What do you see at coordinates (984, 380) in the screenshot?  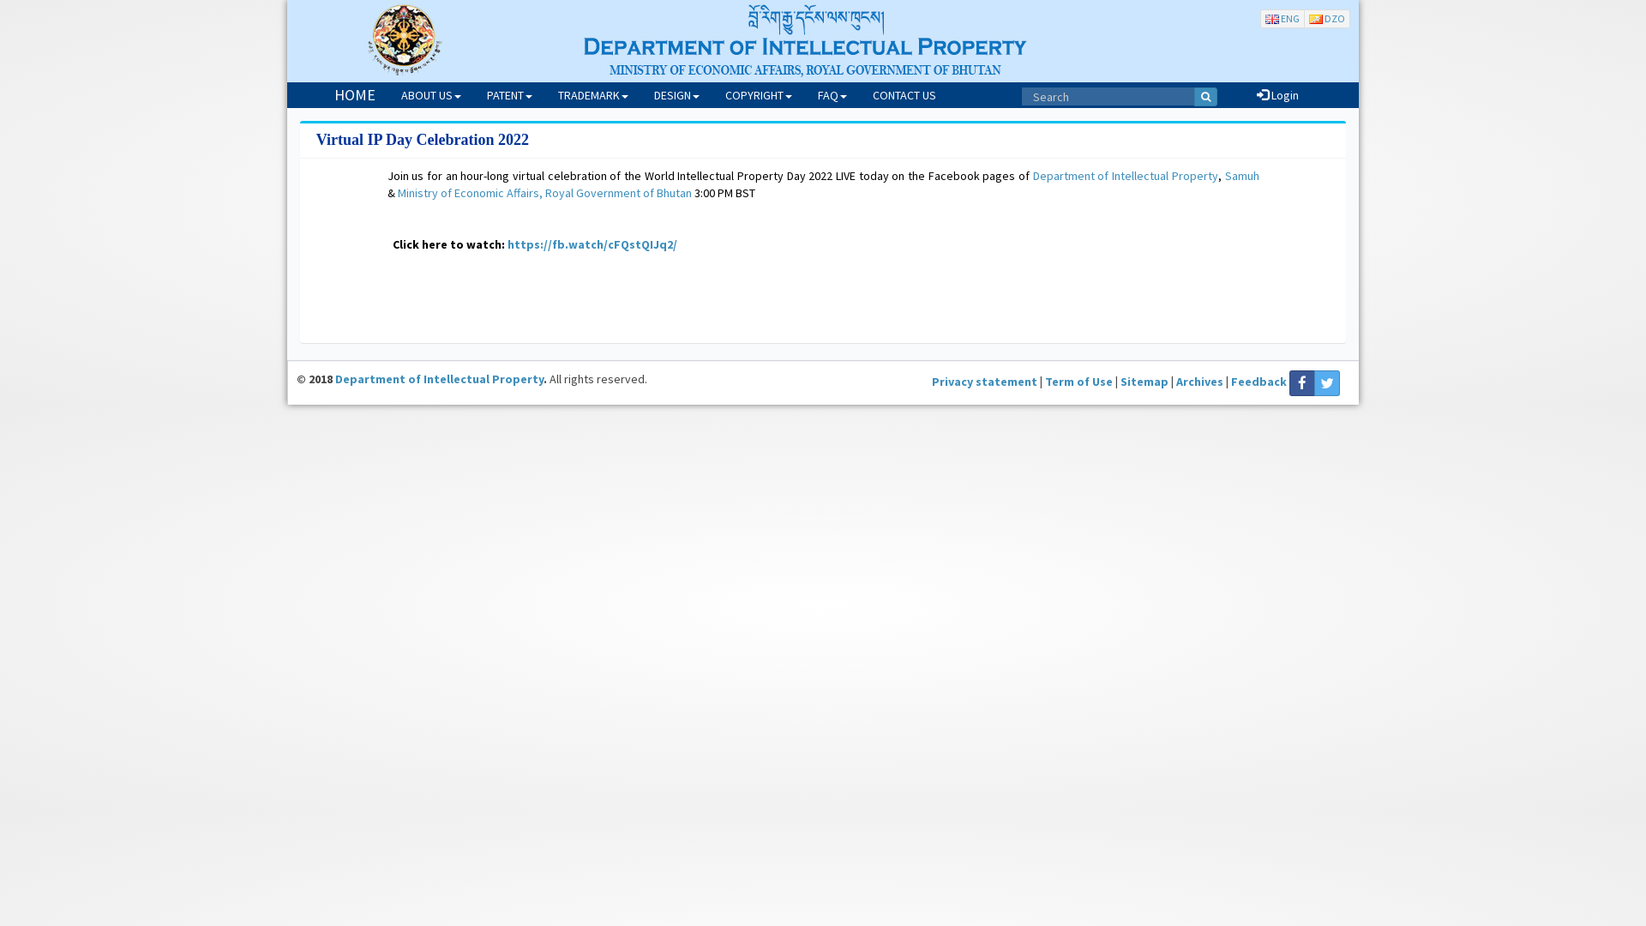 I see `'Privacy statement'` at bounding box center [984, 380].